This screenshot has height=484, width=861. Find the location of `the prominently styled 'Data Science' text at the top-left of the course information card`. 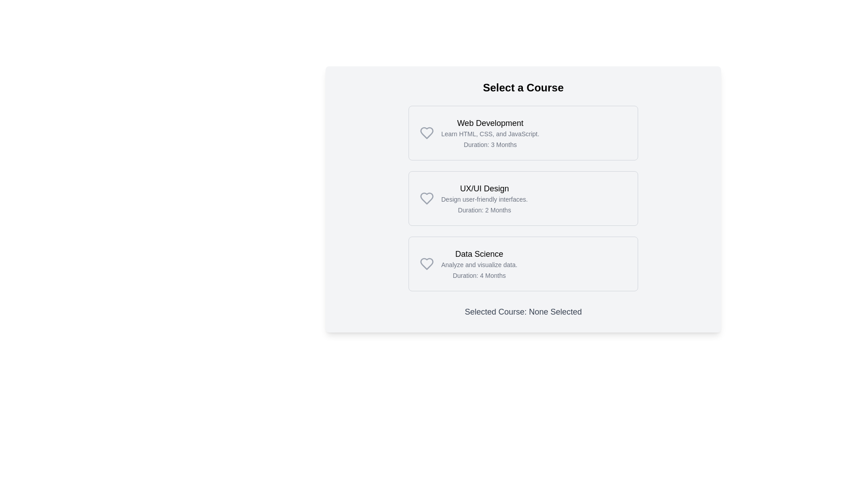

the prominently styled 'Data Science' text at the top-left of the course information card is located at coordinates (478, 254).